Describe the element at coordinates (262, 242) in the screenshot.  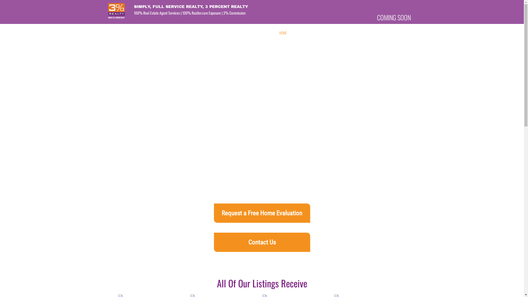
I see `'Contact Us'` at that location.